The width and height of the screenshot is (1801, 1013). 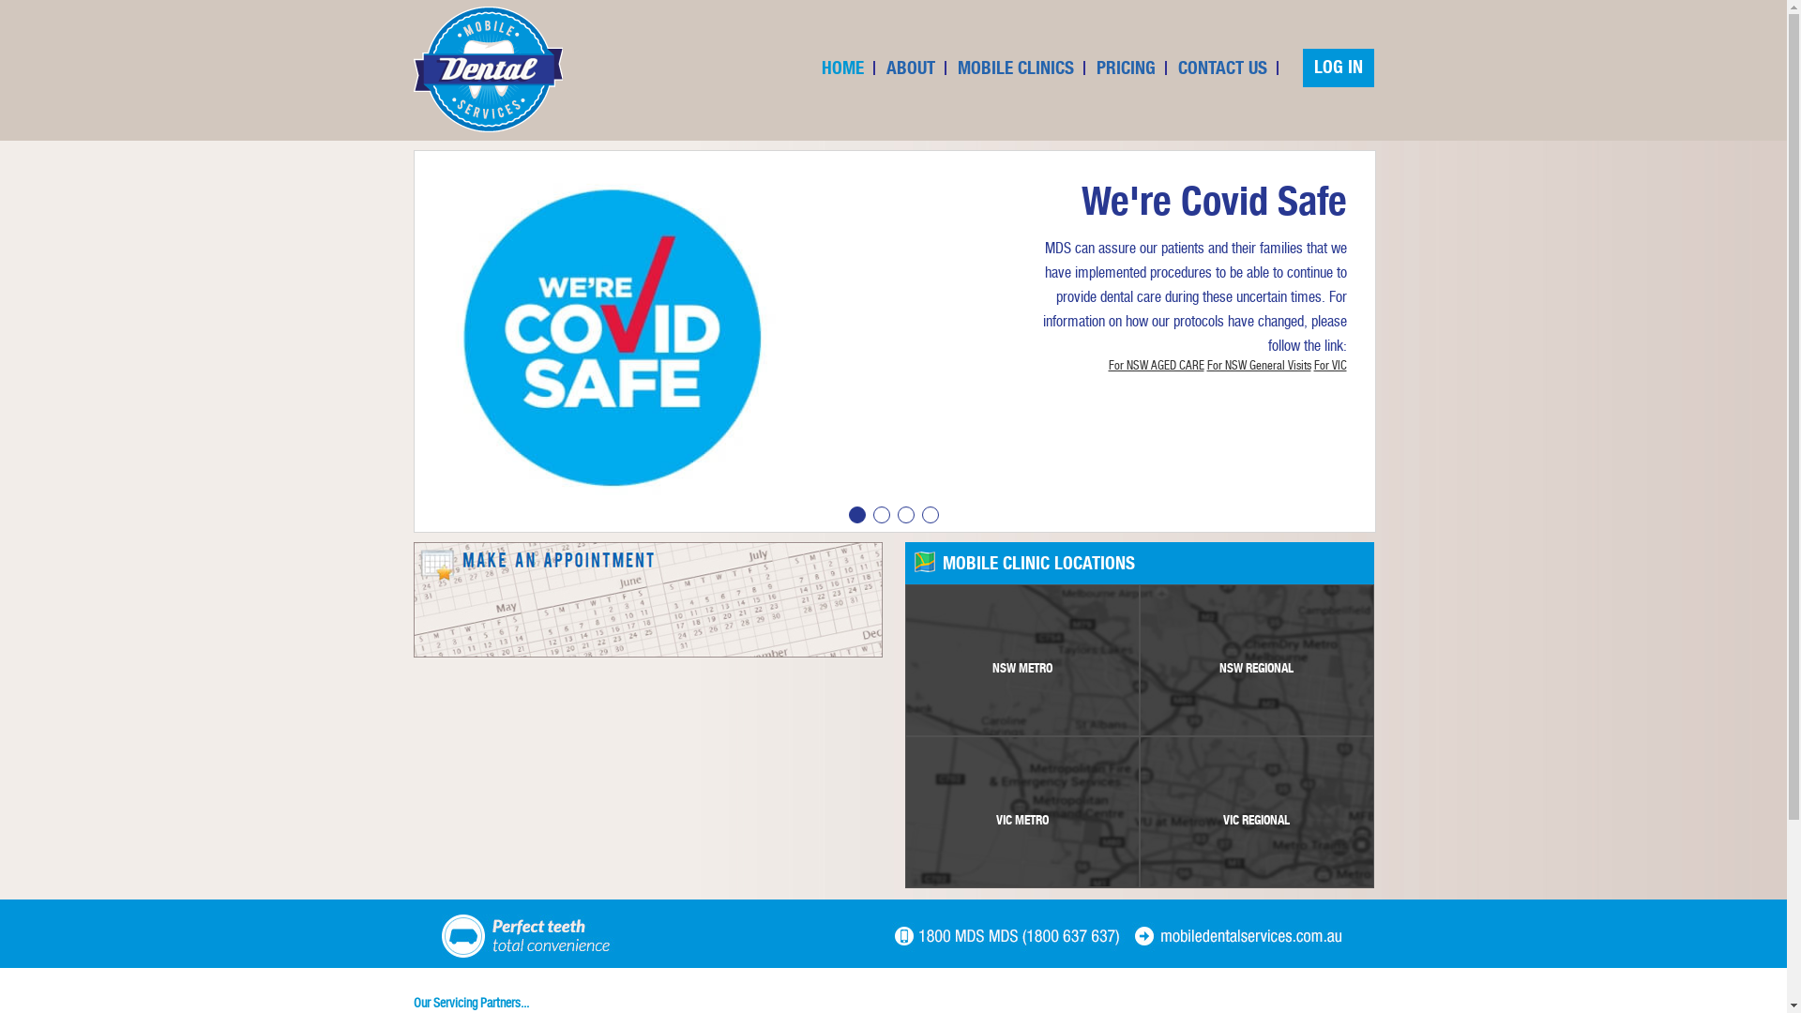 I want to click on 'Previous', so click(x=417, y=354).